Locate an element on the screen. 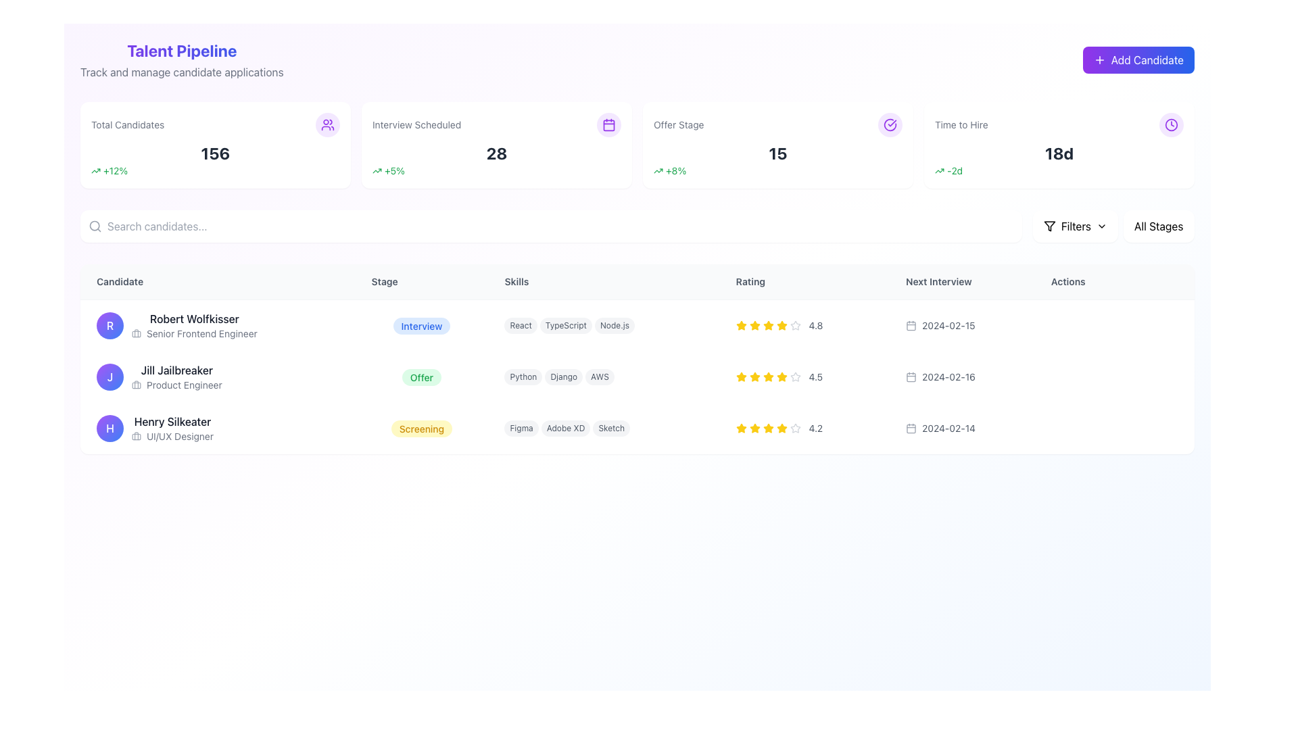 The image size is (1298, 730). text from the third skill tag in the 'Skills' column for the candidate 'Robert Wolfkisser', which is located after the 'React' and 'TypeScript' tags is located at coordinates (614, 326).